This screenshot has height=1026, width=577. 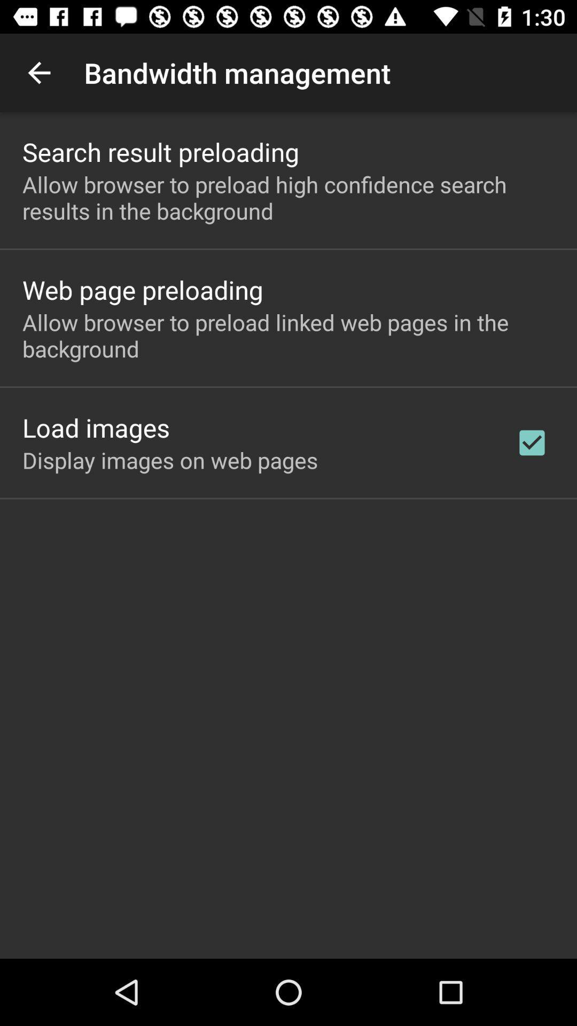 I want to click on web page preloading app, so click(x=142, y=290).